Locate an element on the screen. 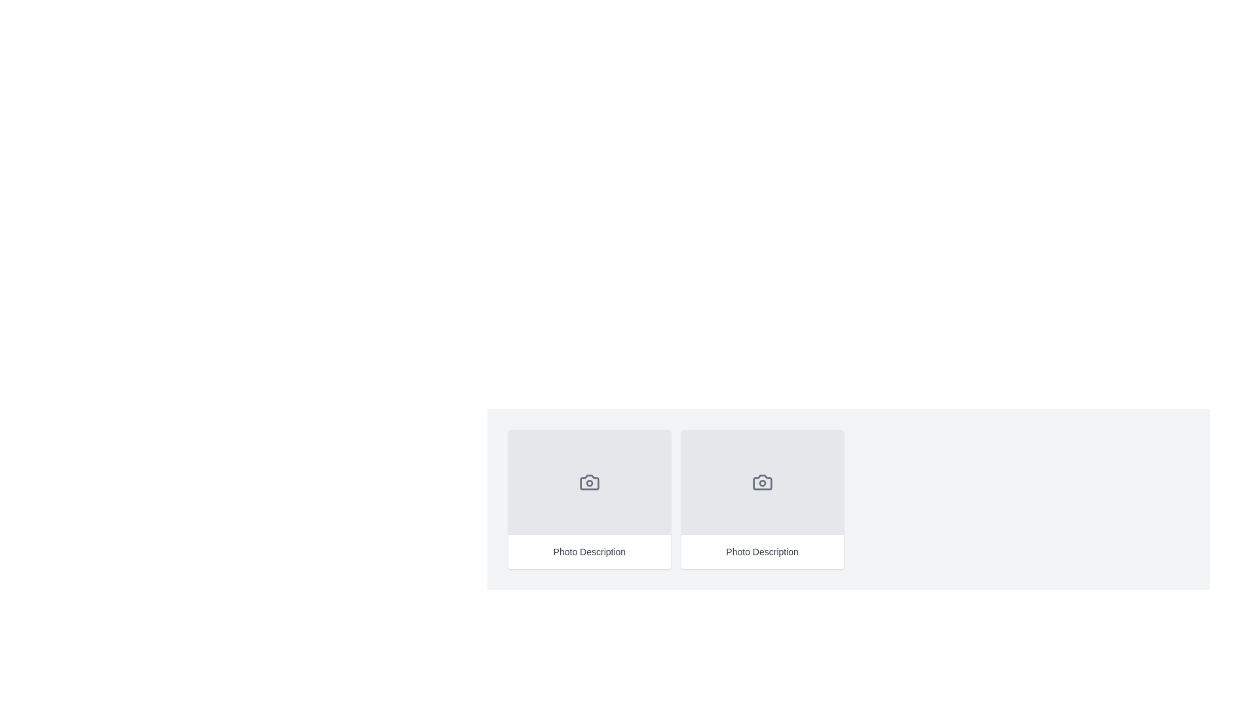  descriptive text label located in the bottom-left corner of the grid, specifically for the leftmost box is located at coordinates (588, 551).